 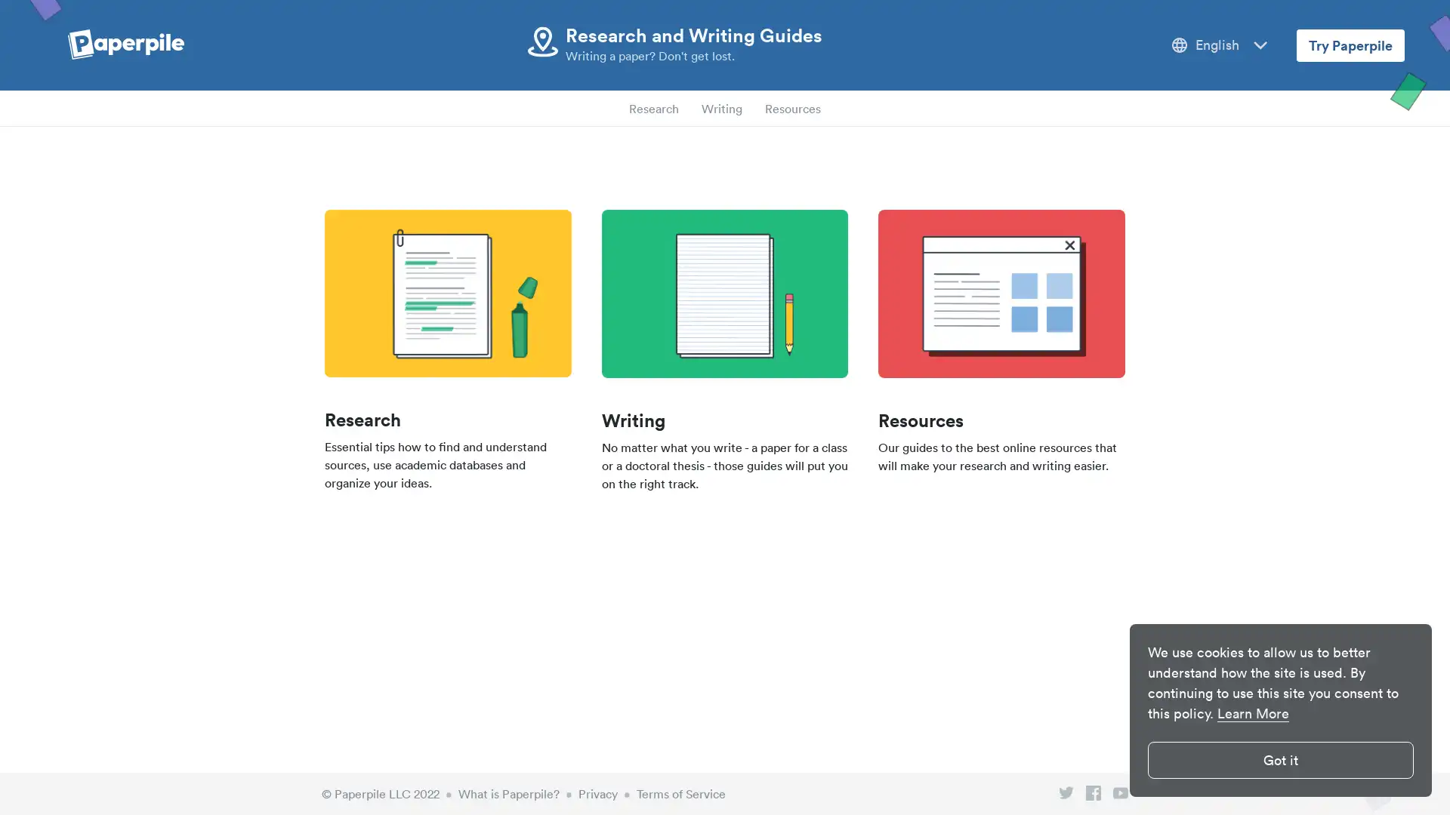 I want to click on dismiss cookie message, so click(x=1279, y=760).